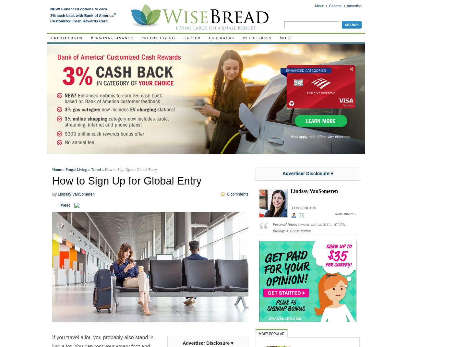 The image size is (467, 347). I want to click on 'Personal finance writer with an MS in Wildlife Biology & Conservation.', so click(309, 227).